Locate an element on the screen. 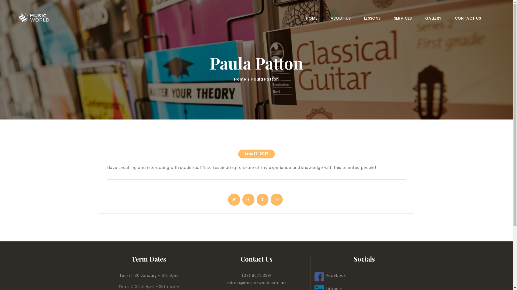 The width and height of the screenshot is (517, 290). '(03) 9572 3391' is located at coordinates (256, 275).